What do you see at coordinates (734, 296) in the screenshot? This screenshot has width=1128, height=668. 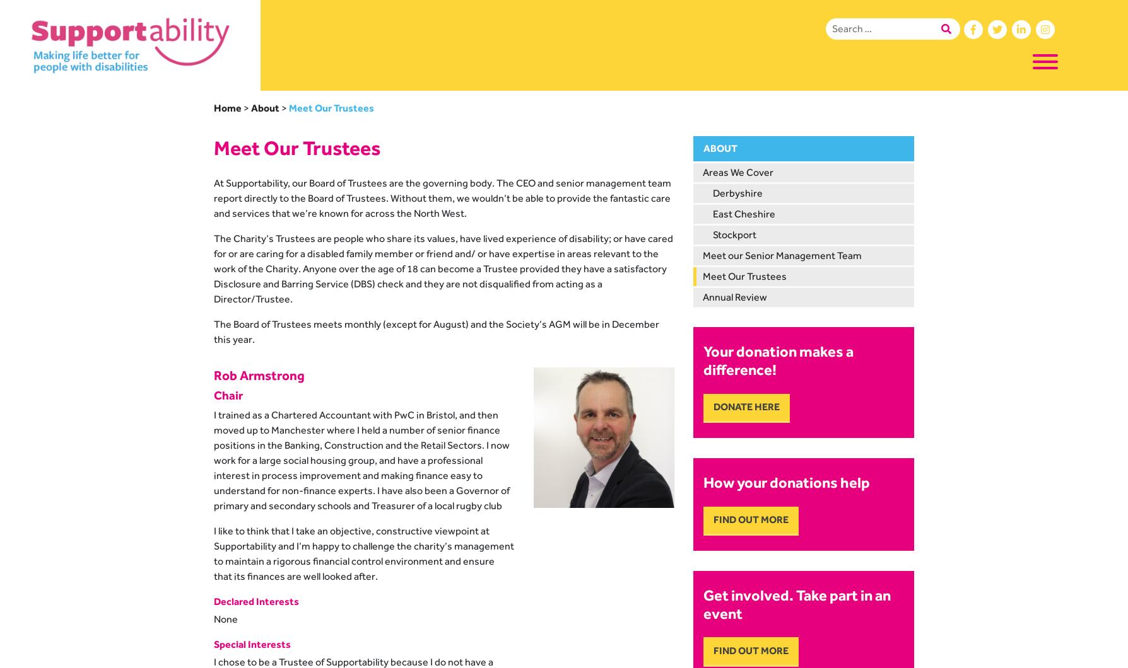 I see `'Annual Review'` at bounding box center [734, 296].